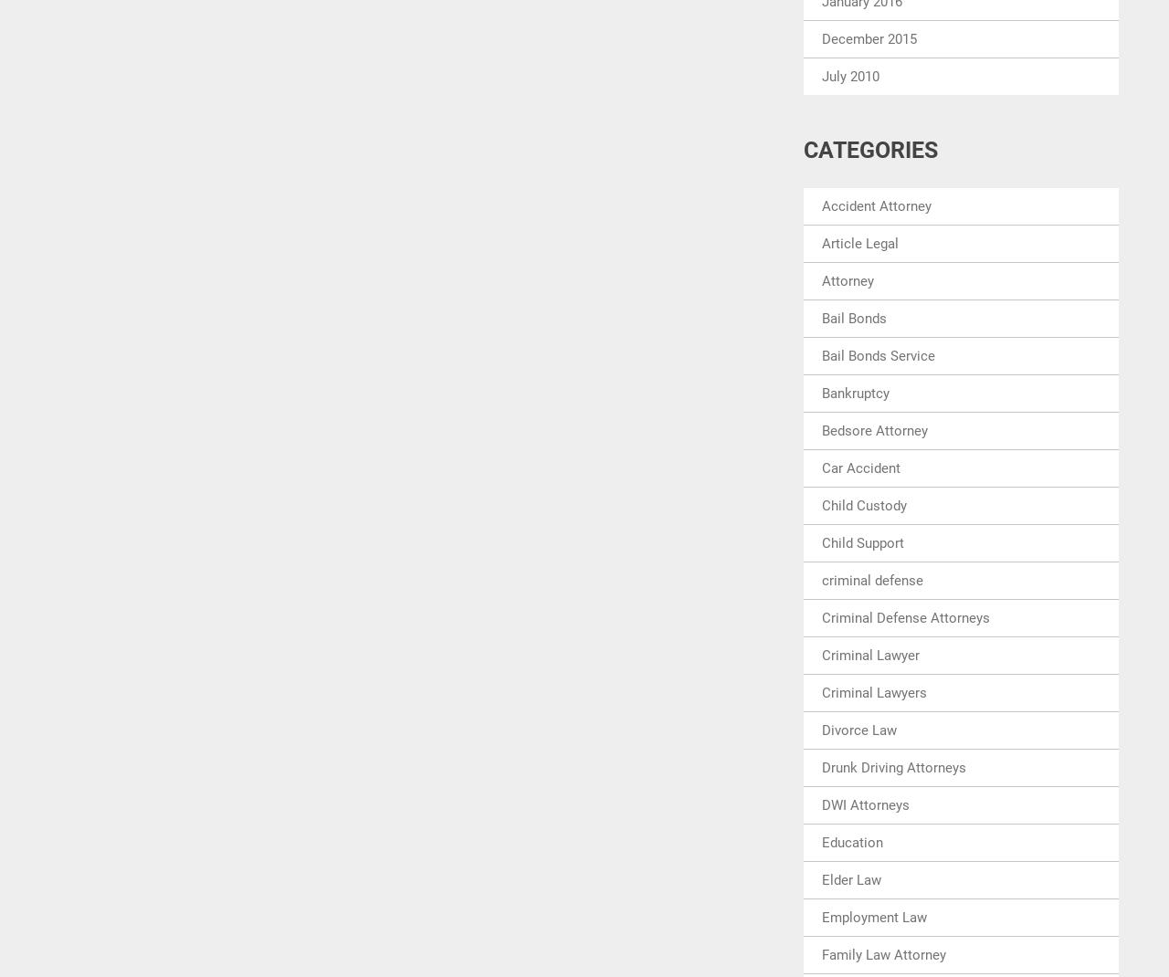  What do you see at coordinates (820, 392) in the screenshot?
I see `'Bankruptcy'` at bounding box center [820, 392].